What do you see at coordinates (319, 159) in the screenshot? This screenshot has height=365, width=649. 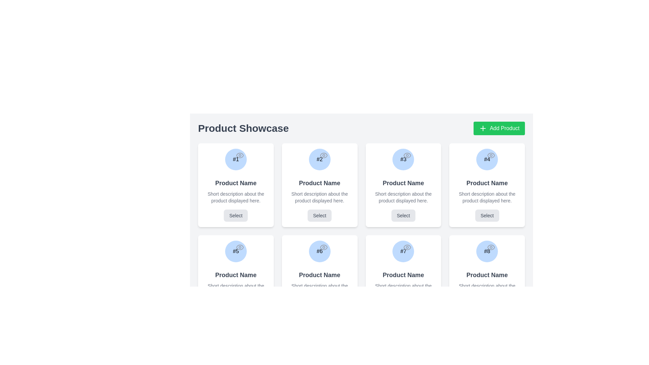 I see `the eye icon on the Identification Badge with a light blue background and the text '#2' in bold black font, located at the top of the card in the second column of the product showcase grid` at bounding box center [319, 159].